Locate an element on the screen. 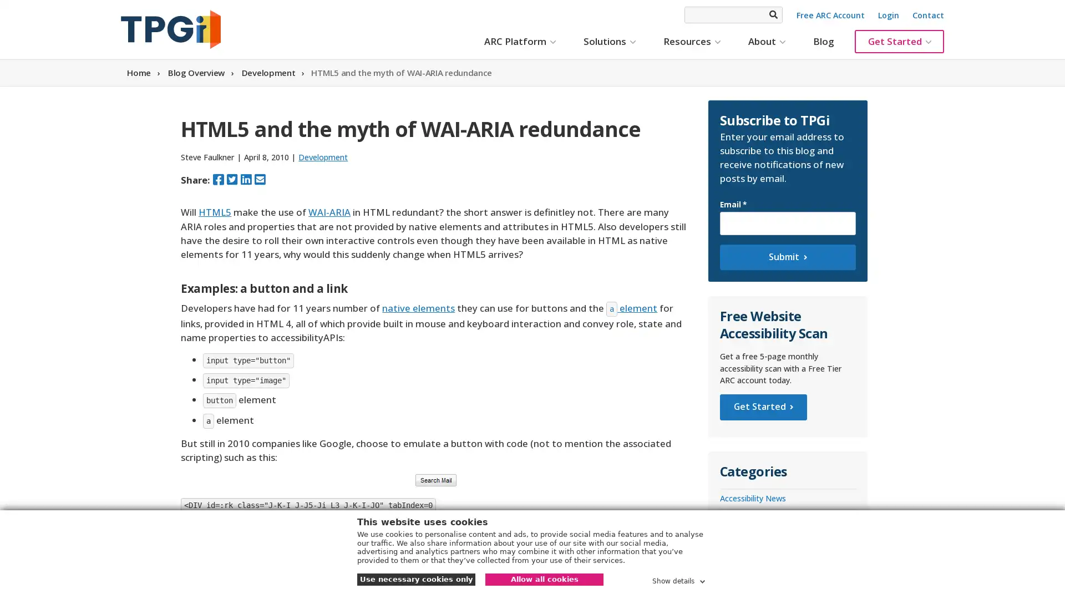 This screenshot has width=1065, height=599. Submit Search is located at coordinates (772, 14).